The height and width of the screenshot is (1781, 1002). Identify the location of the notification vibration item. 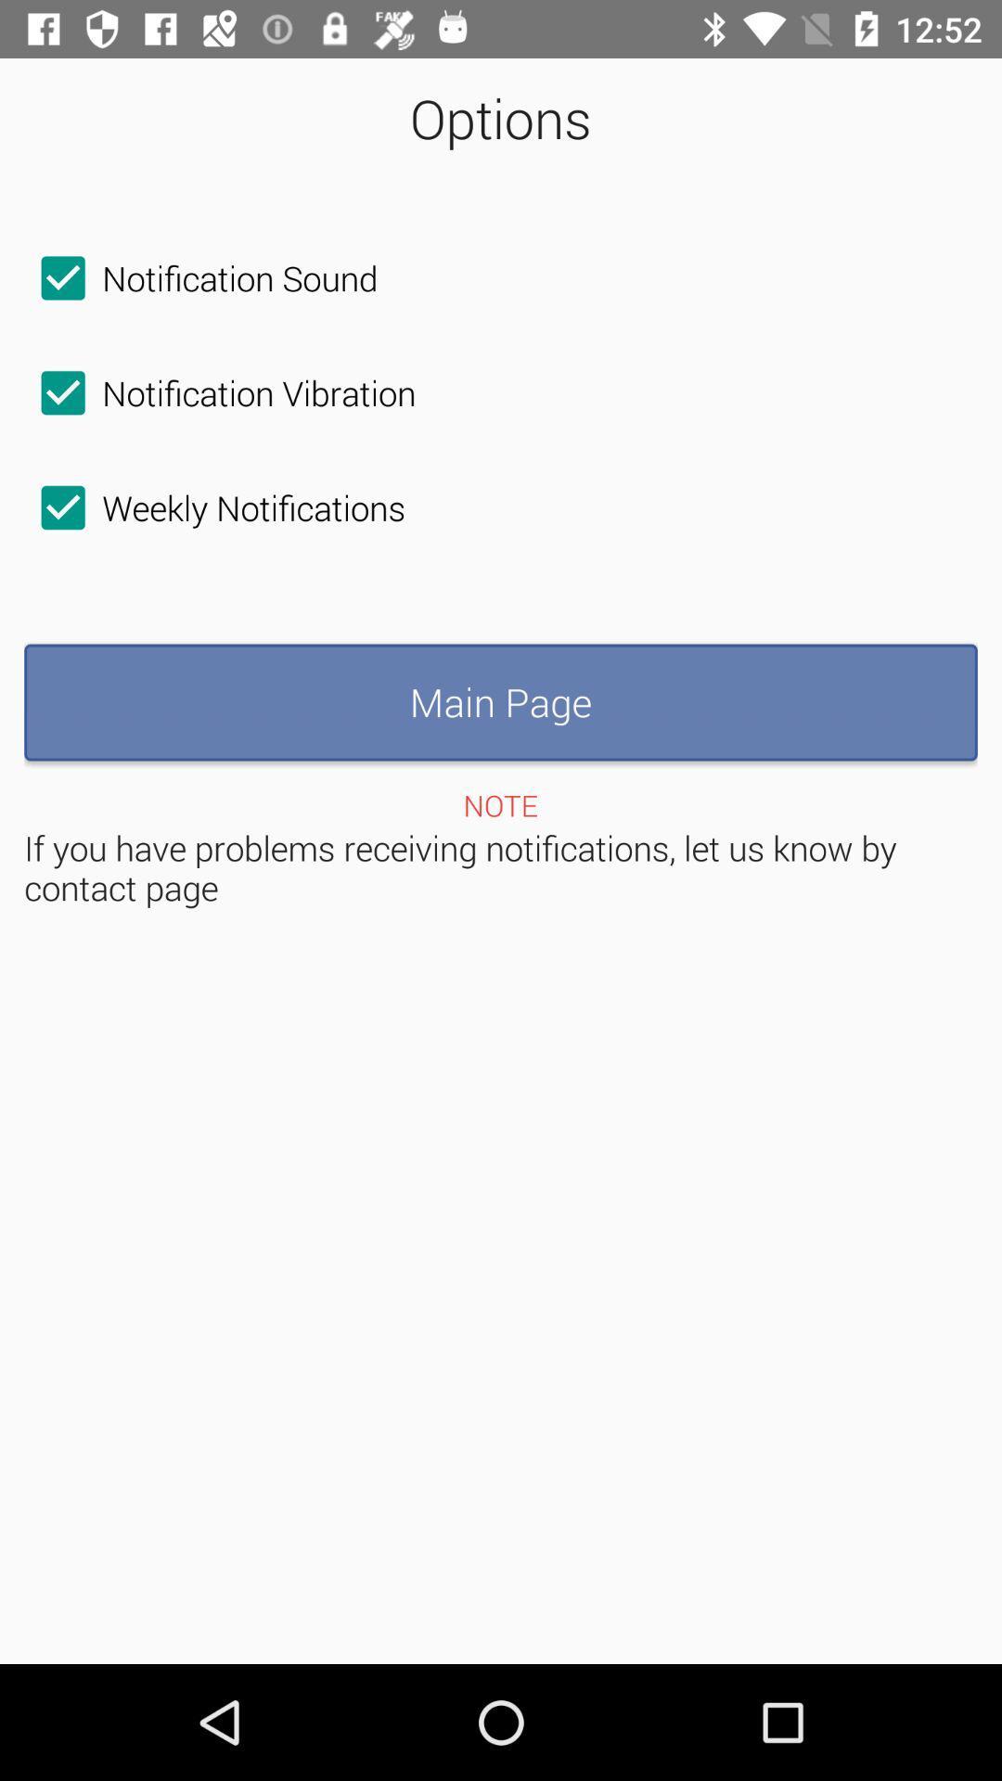
(219, 391).